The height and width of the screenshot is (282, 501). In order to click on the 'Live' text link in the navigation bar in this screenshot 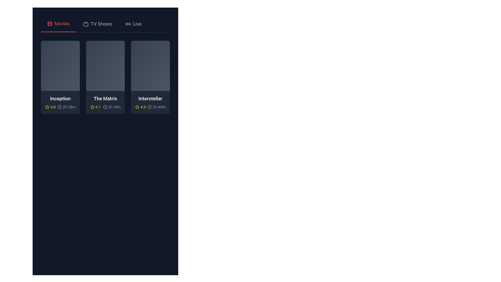, I will do `click(137, 24)`.